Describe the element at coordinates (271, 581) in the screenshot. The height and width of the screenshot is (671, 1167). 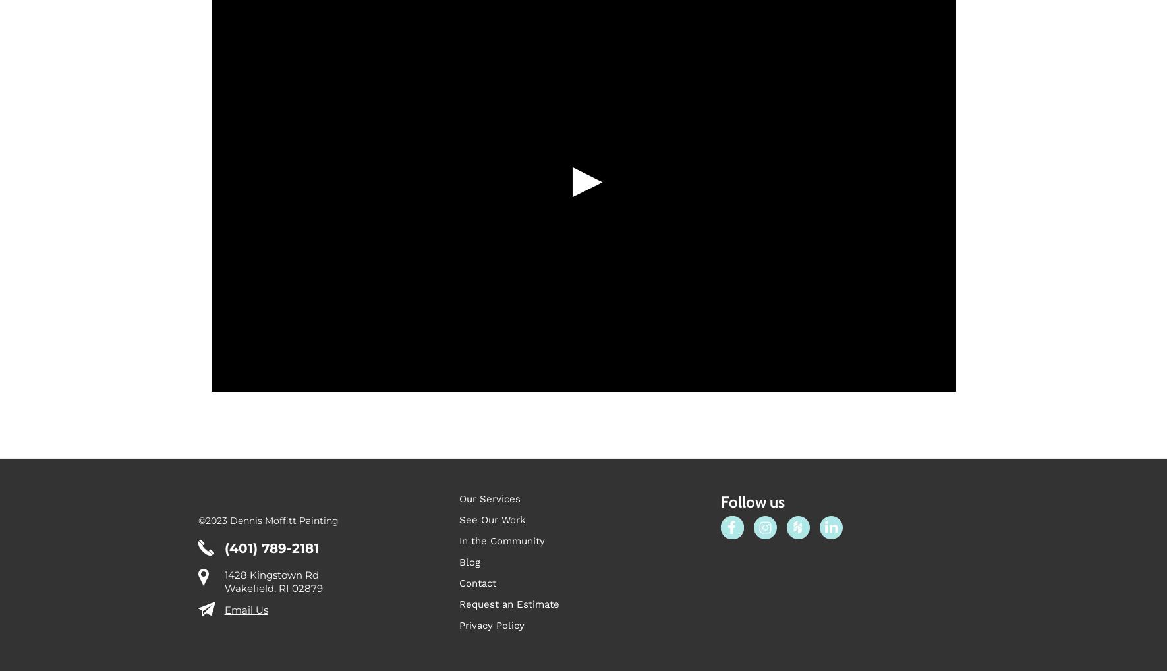
I see `'(401) 789-2181'` at that location.